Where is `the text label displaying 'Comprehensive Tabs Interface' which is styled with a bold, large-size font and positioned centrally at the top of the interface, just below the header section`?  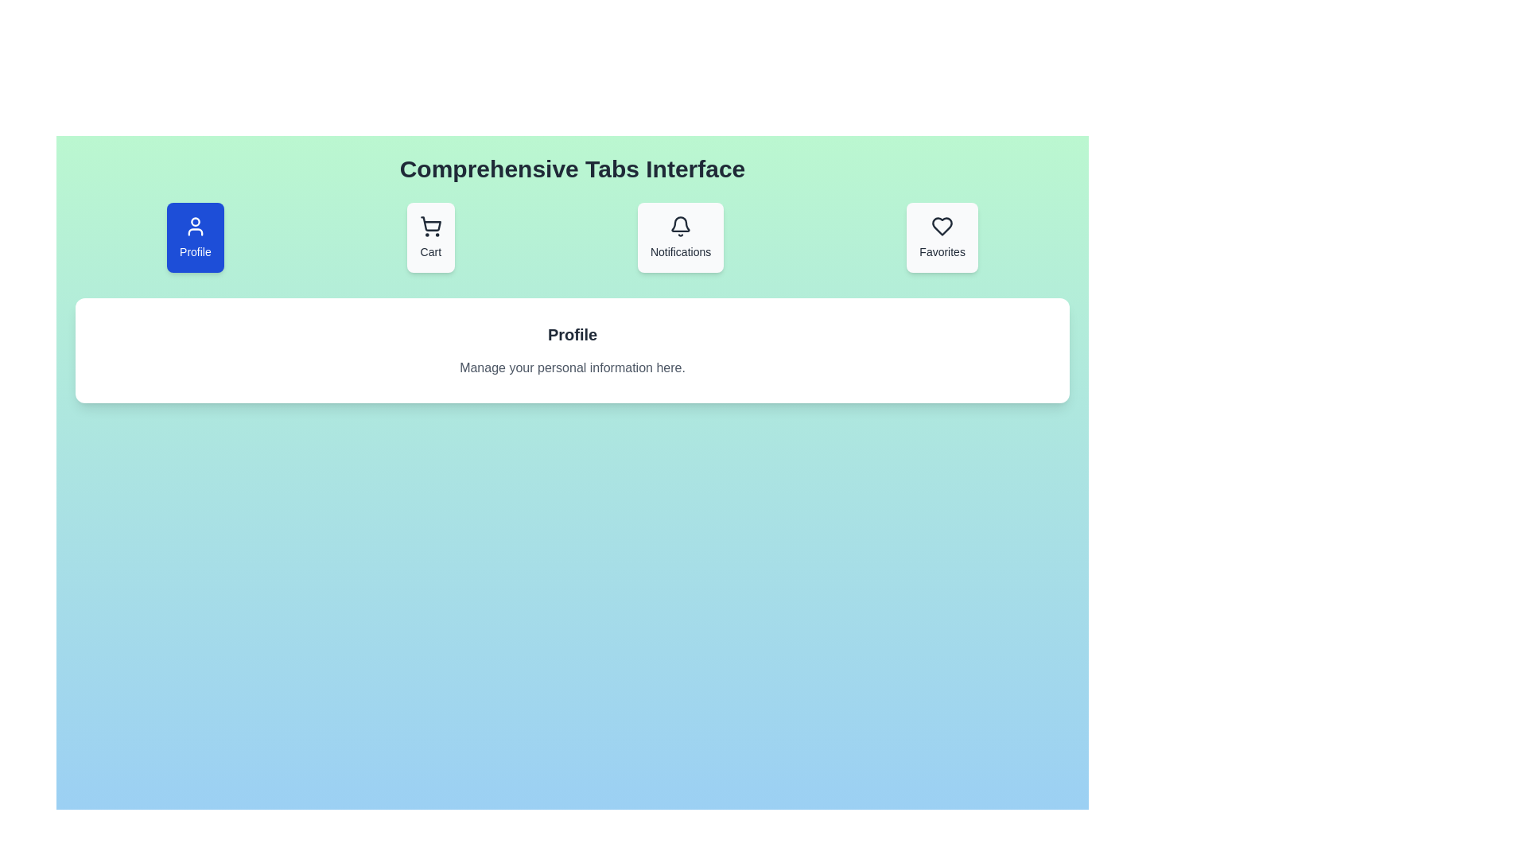
the text label displaying 'Comprehensive Tabs Interface' which is styled with a bold, large-size font and positioned centrally at the top of the interface, just below the header section is located at coordinates (573, 169).